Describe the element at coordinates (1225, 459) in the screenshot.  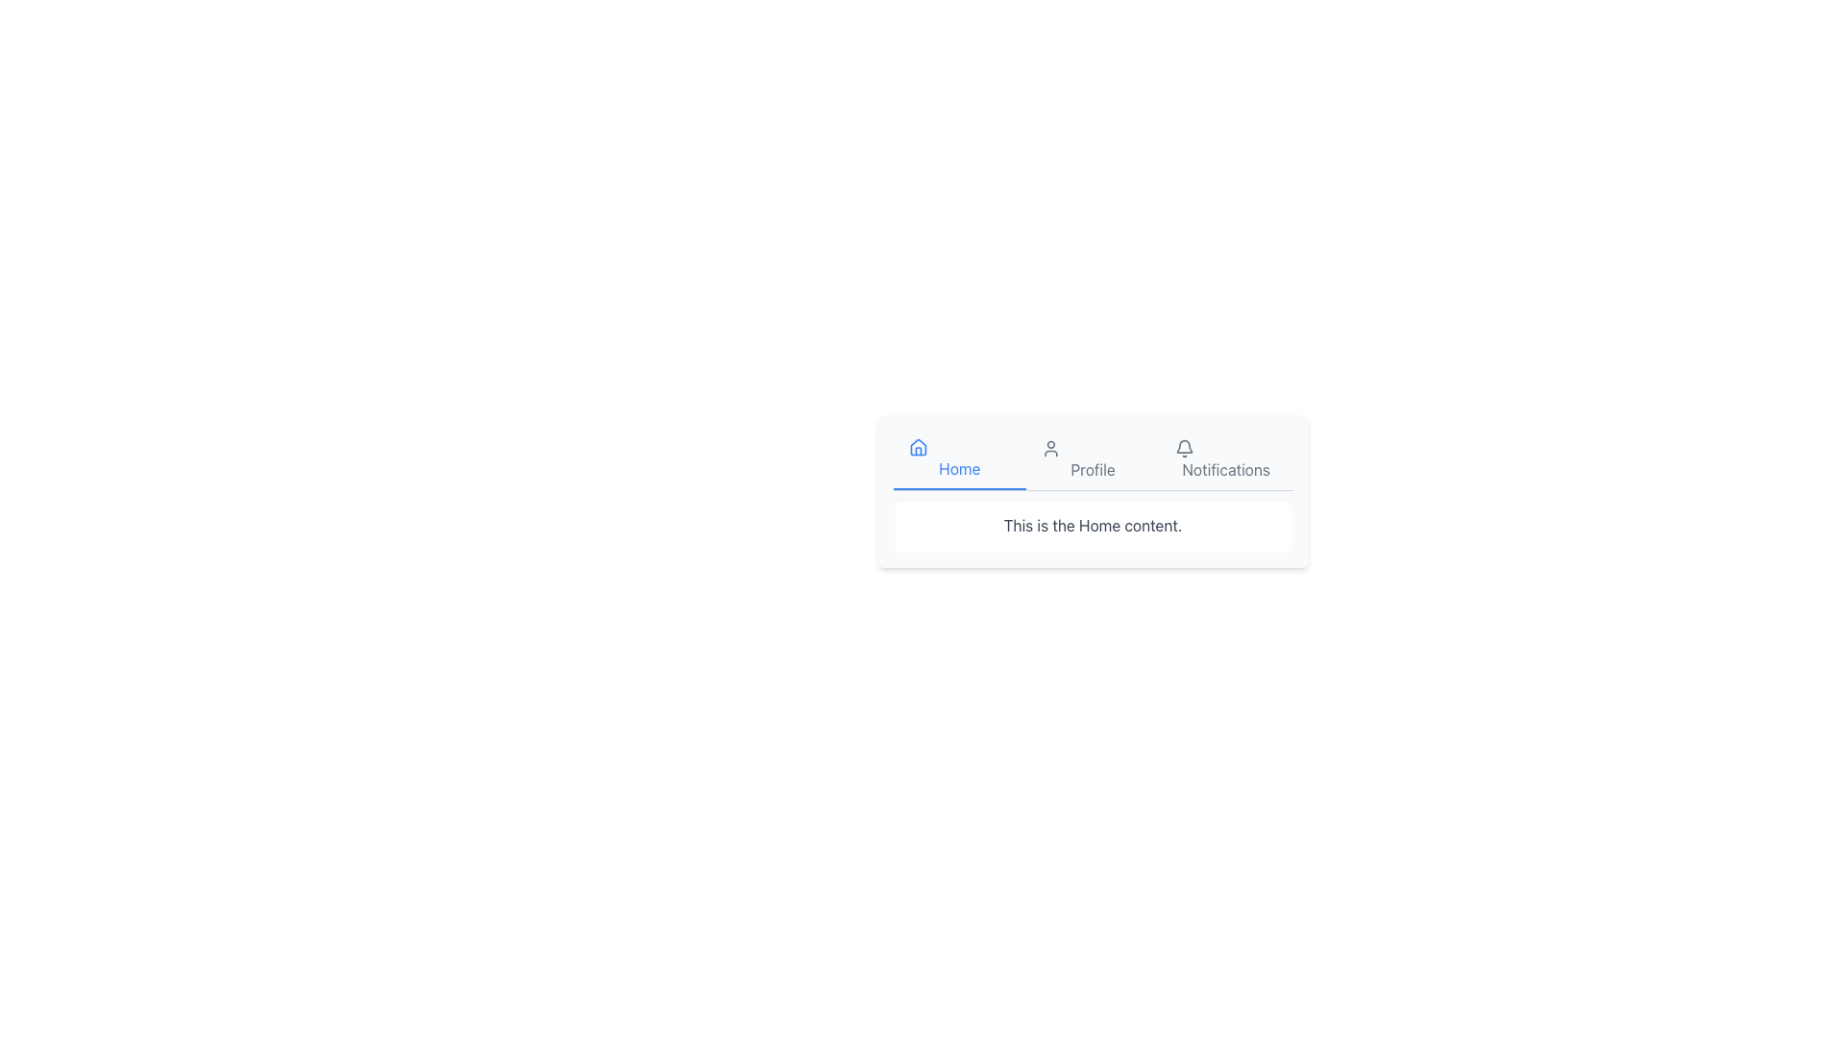
I see `the 'Notifications' button located in the navigation bar, which features a bell icon and changes color on hover` at that location.